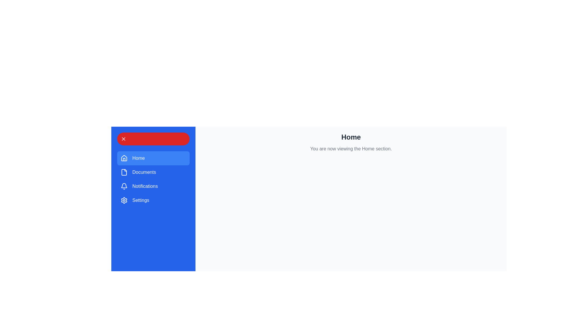  I want to click on the menu item Home from the drawer menu, so click(153, 158).